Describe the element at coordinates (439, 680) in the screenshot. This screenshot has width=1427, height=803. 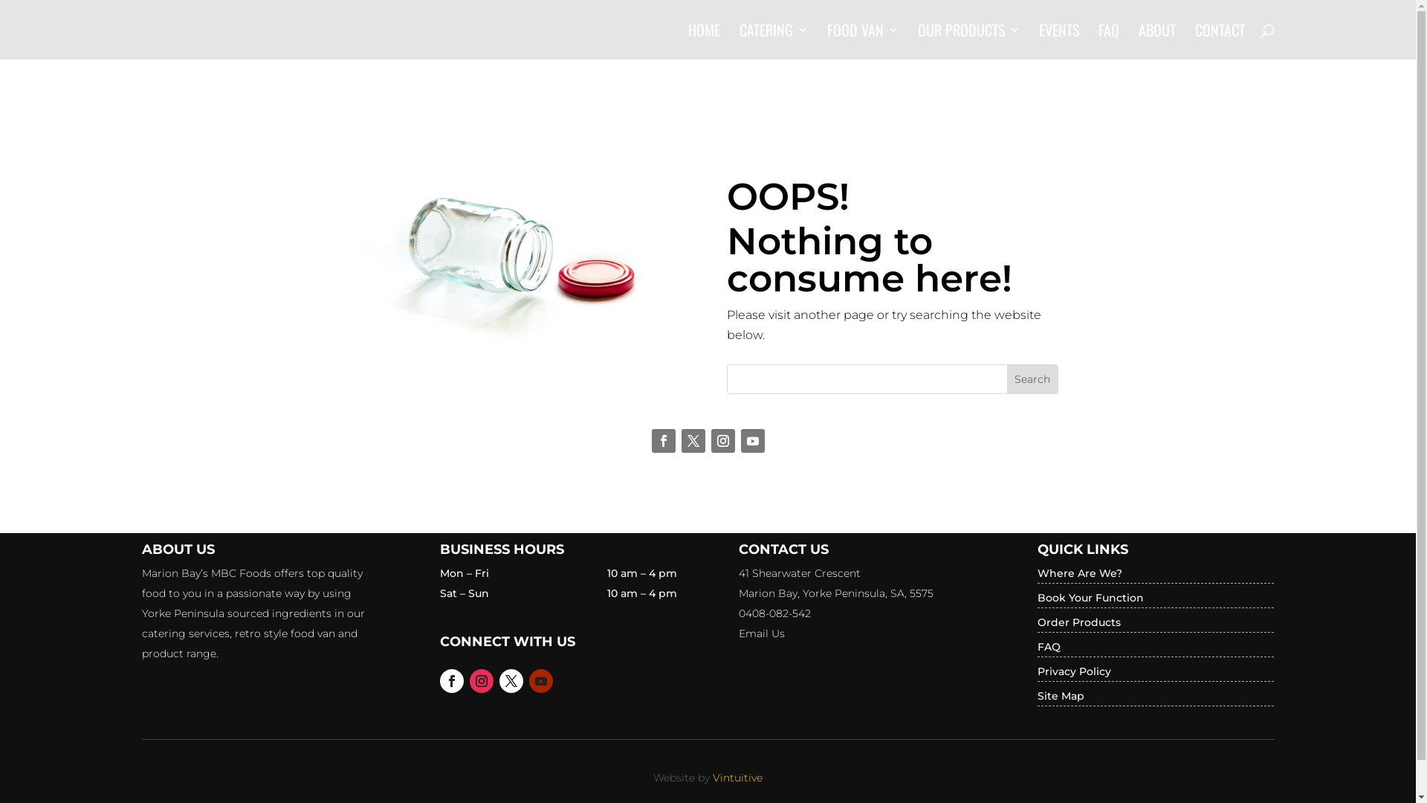
I see `'Follow on Facebook'` at that location.